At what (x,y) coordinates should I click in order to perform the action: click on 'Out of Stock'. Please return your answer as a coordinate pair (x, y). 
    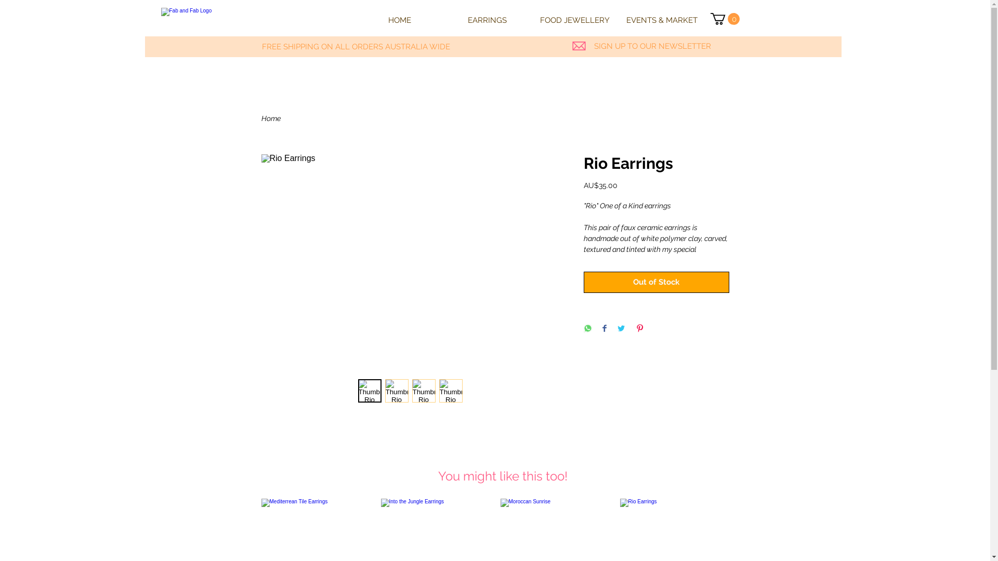
    Looking at the image, I should click on (655, 282).